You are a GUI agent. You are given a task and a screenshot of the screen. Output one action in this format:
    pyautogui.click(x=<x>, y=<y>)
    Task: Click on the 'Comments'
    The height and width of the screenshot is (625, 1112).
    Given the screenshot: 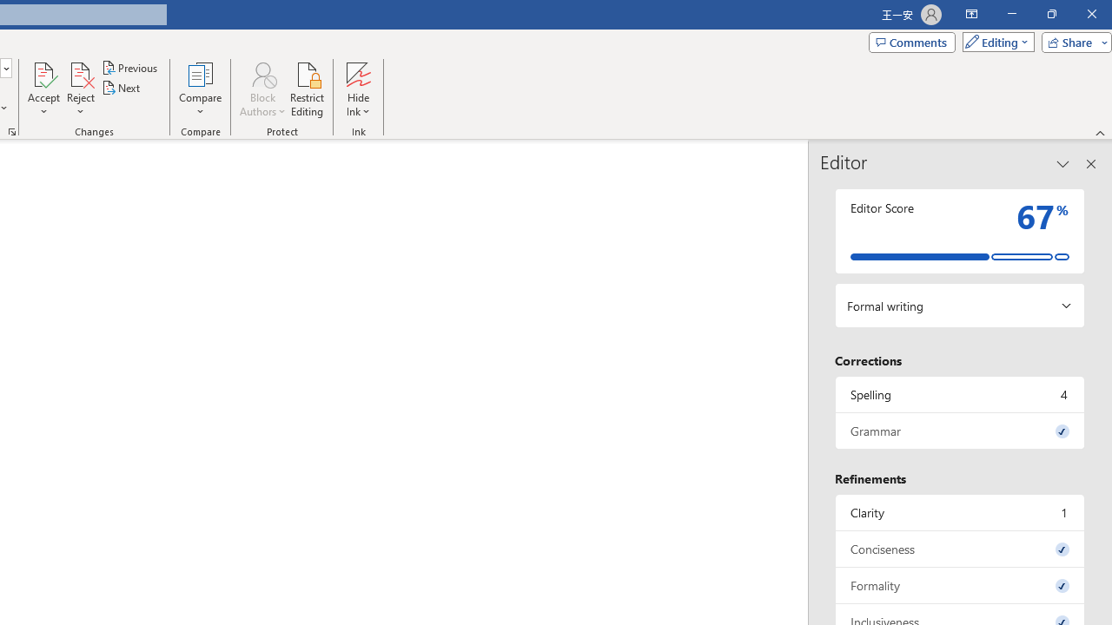 What is the action you would take?
    pyautogui.click(x=910, y=41)
    